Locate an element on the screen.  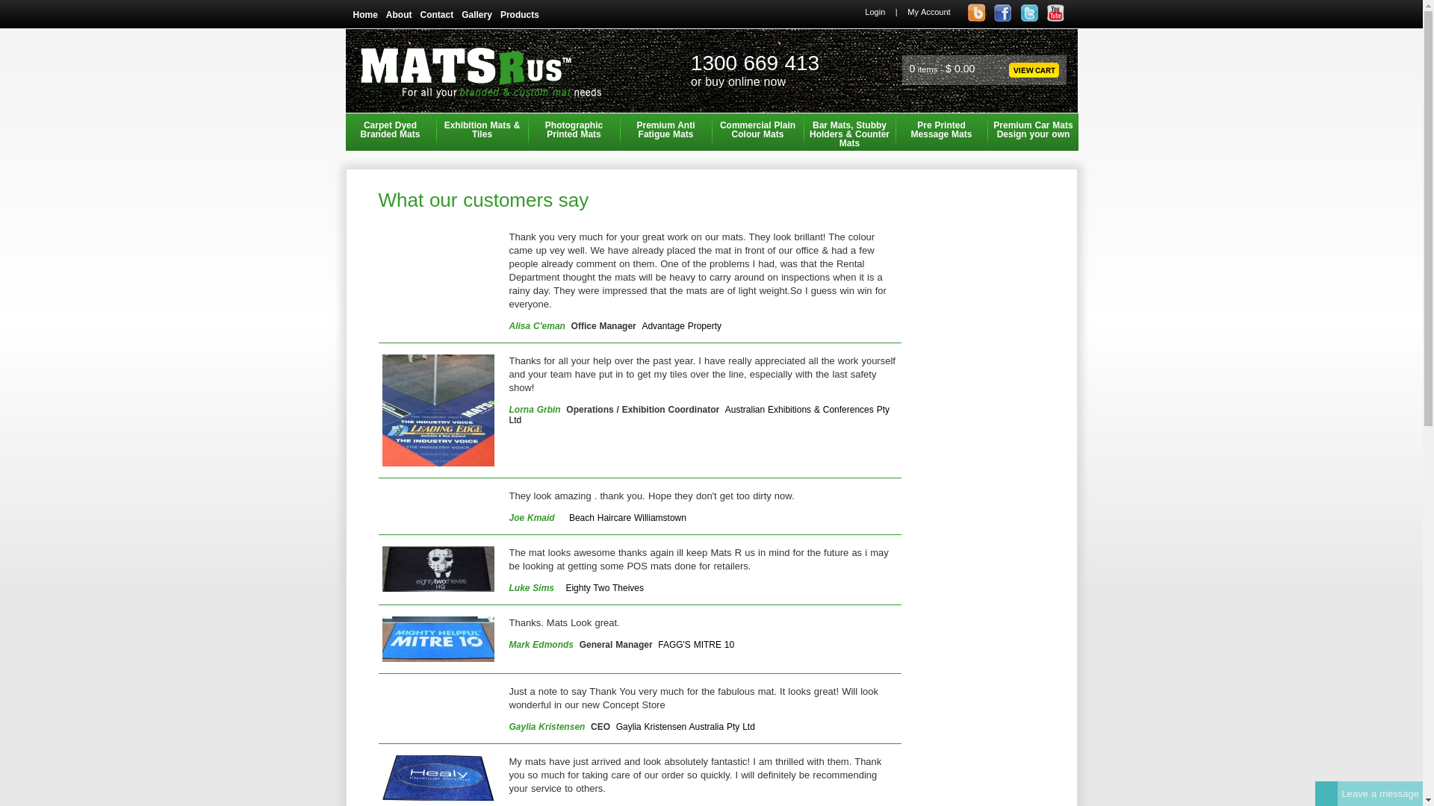
'Mitre 10 - Logo dyed entrance mat' is located at coordinates (437, 638).